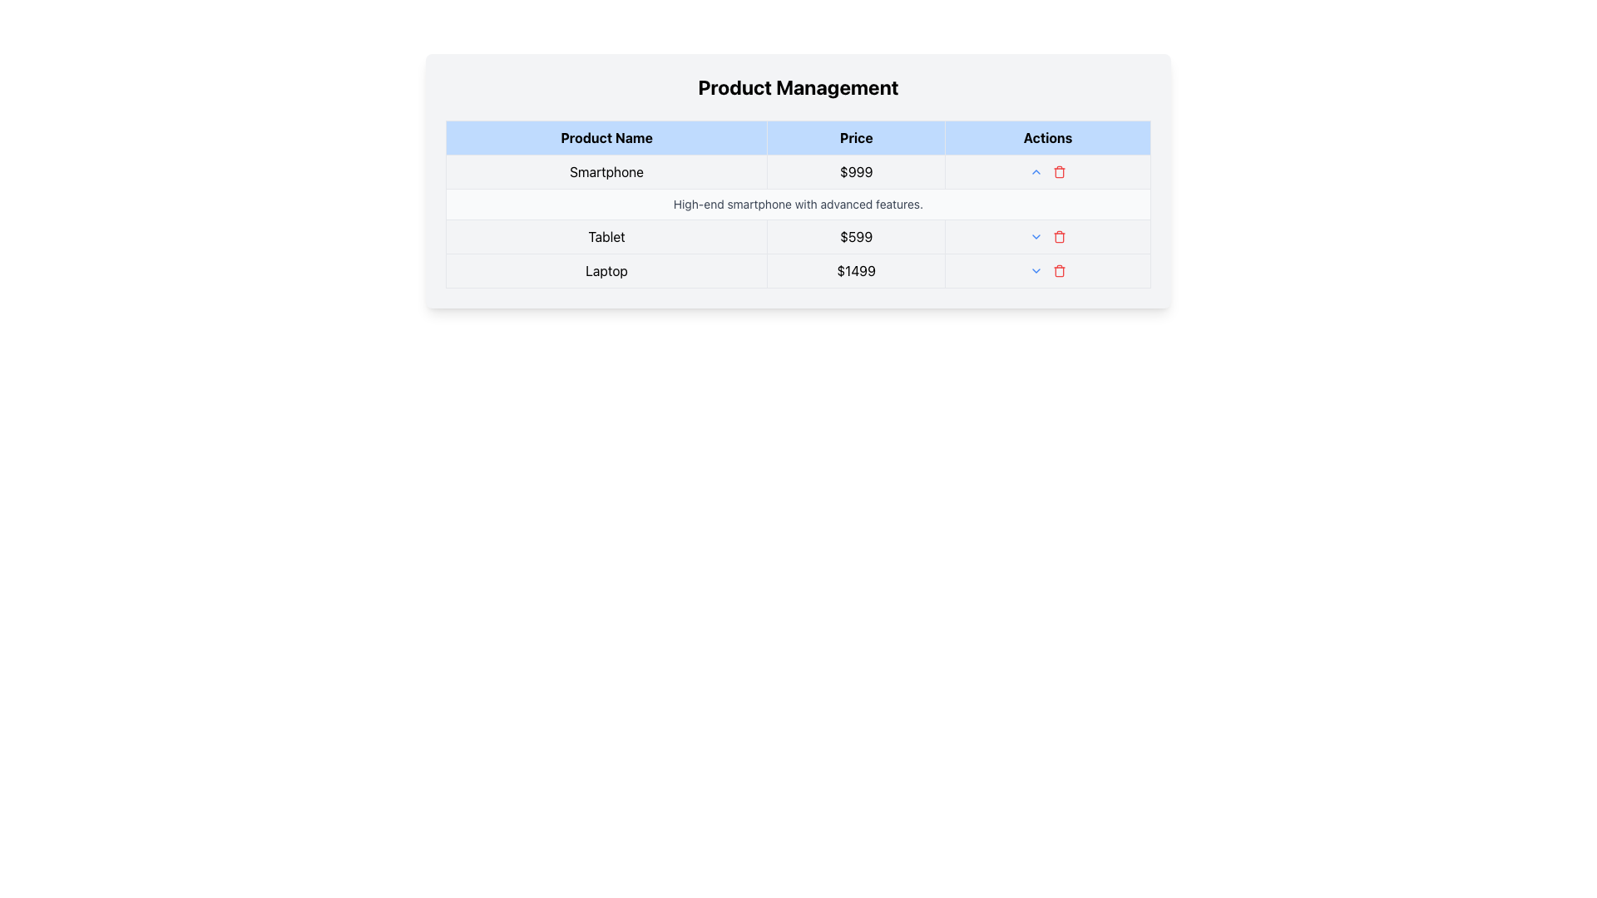 This screenshot has width=1597, height=898. What do you see at coordinates (1058, 270) in the screenshot?
I see `the red-colored trash can icon button located in the 'Actions' column of the last row of the table` at bounding box center [1058, 270].